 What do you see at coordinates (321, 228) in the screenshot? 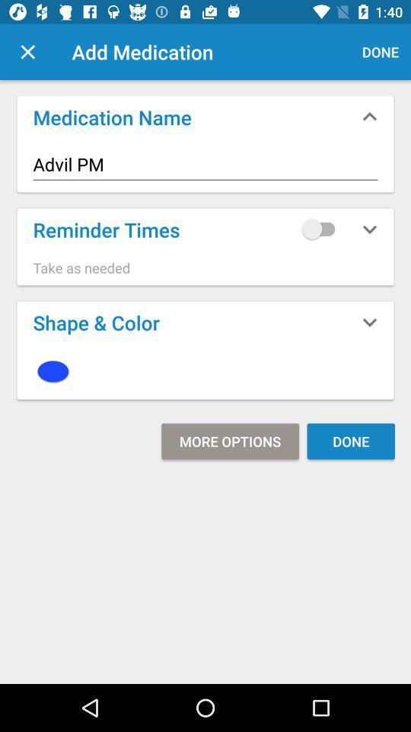
I see `the item above the take as needed icon` at bounding box center [321, 228].